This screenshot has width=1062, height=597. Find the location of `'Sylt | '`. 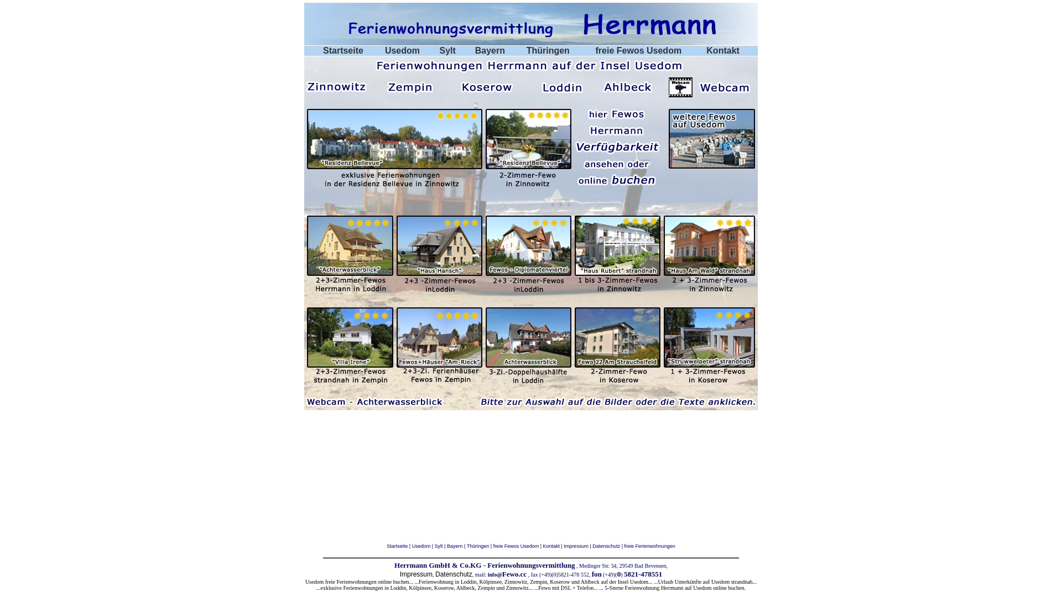

'Sylt | ' is located at coordinates (440, 545).